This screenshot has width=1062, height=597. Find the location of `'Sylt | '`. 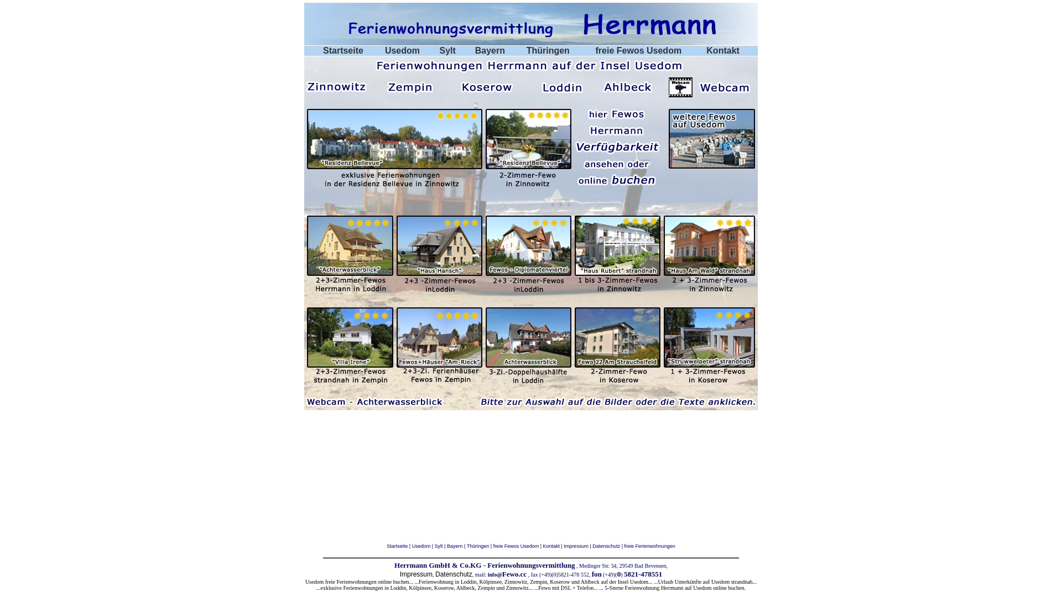

'Sylt | ' is located at coordinates (440, 545).